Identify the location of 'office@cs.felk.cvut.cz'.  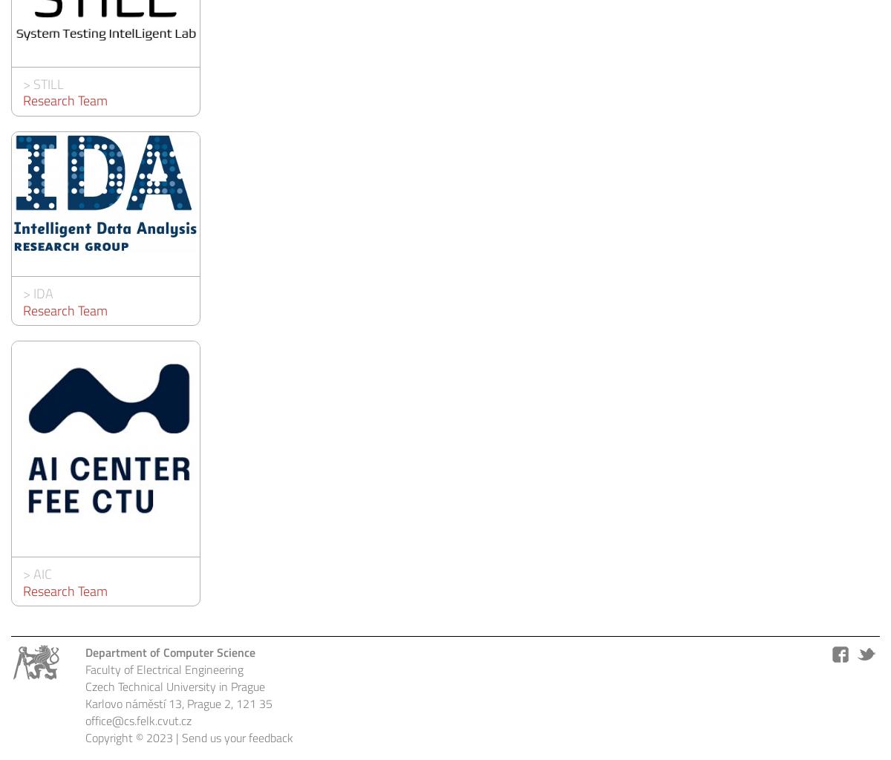
(137, 720).